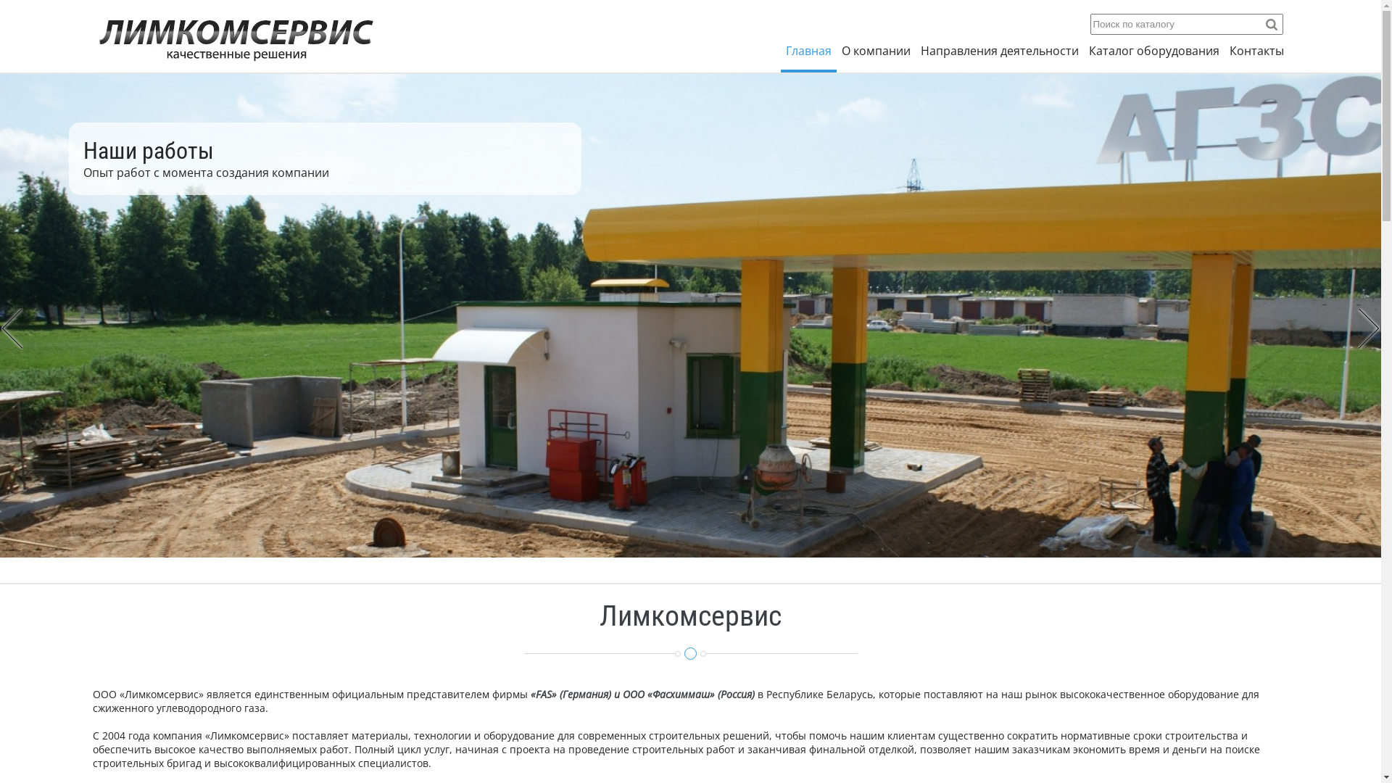 Image resolution: width=1392 pixels, height=783 pixels. What do you see at coordinates (12, 328) in the screenshot?
I see `'Previous'` at bounding box center [12, 328].